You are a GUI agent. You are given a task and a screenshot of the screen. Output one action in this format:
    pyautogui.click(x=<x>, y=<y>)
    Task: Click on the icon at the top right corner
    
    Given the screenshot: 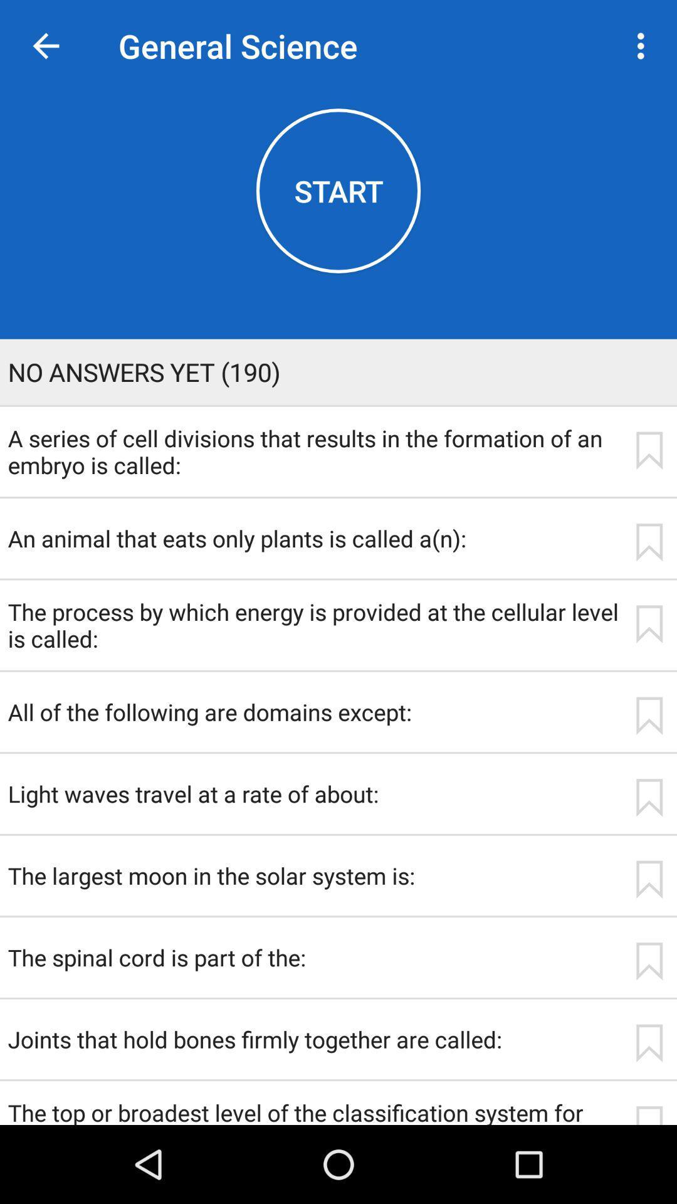 What is the action you would take?
    pyautogui.click(x=644, y=46)
    